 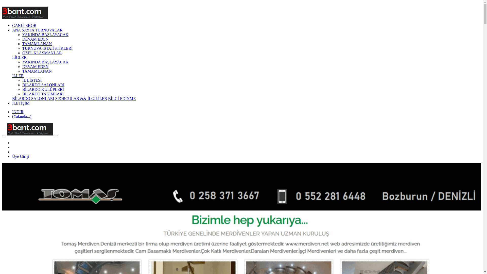 What do you see at coordinates (35, 39) in the screenshot?
I see `'DEVAM EDEN'` at bounding box center [35, 39].